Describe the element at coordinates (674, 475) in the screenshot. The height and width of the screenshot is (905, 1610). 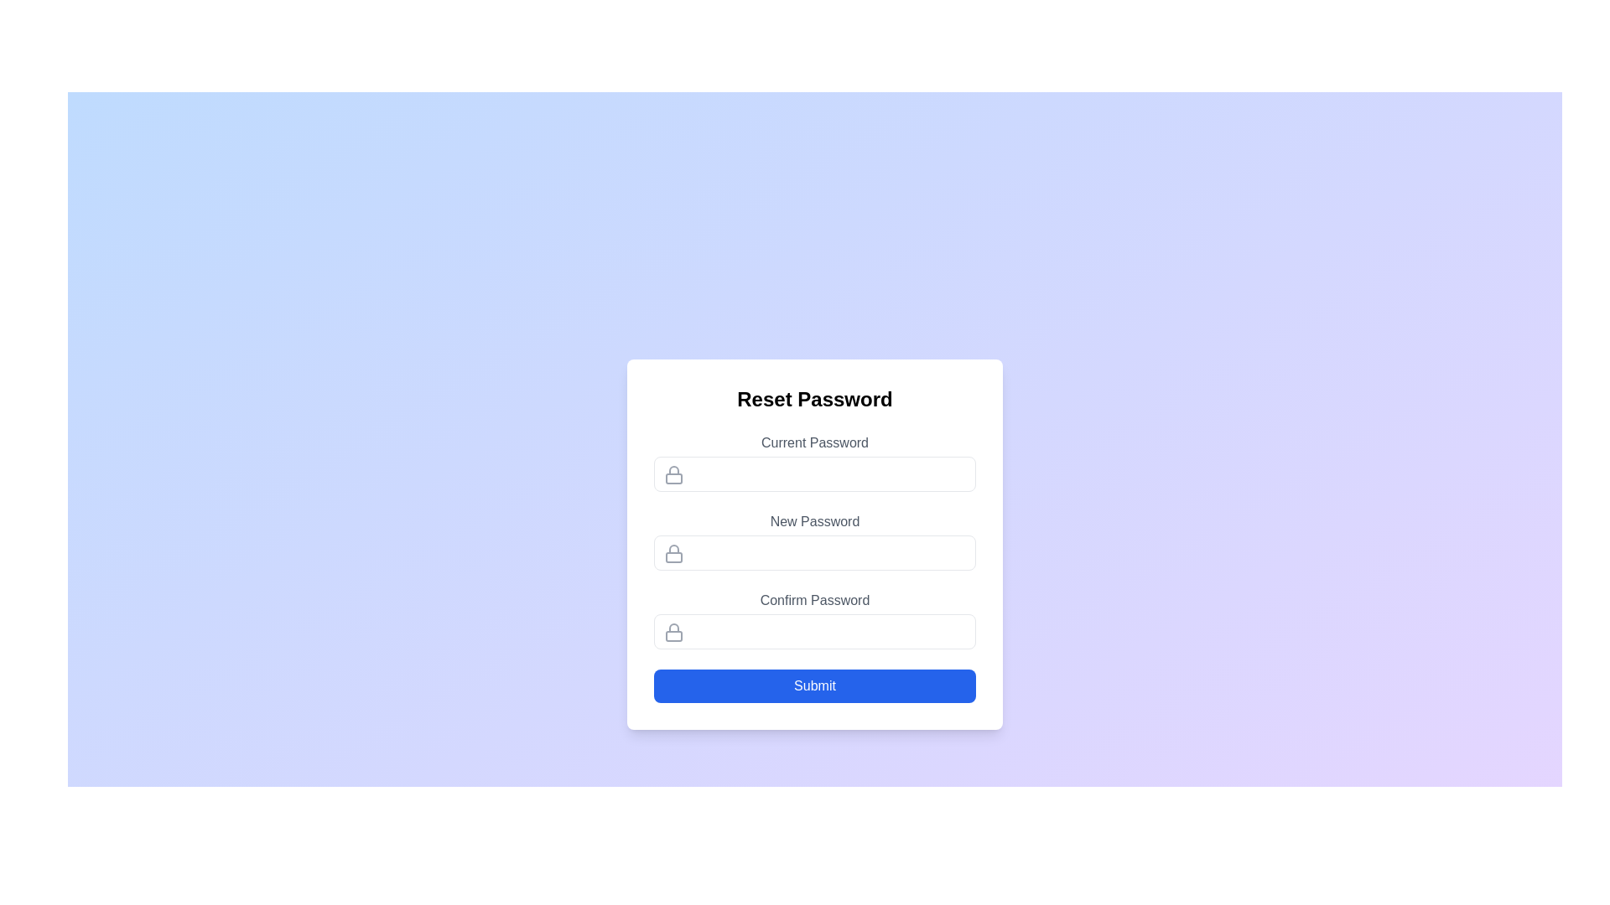
I see `the lock icon located inside the 'Current Password' input field, which visually indicates password-protected data` at that location.